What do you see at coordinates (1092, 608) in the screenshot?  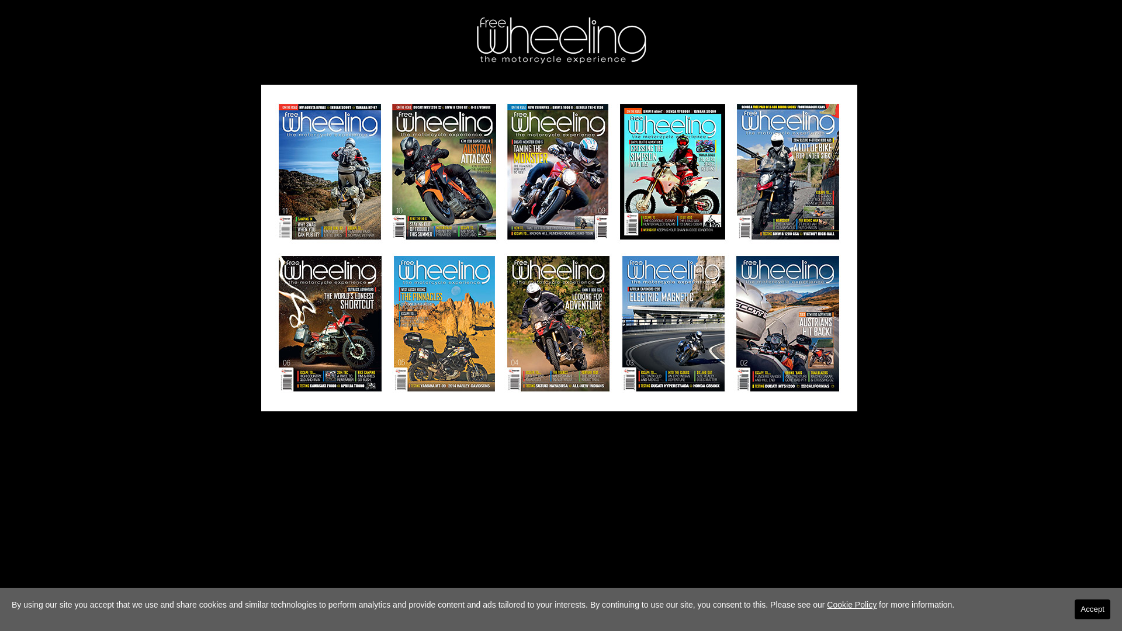 I see `'Accept'` at bounding box center [1092, 608].